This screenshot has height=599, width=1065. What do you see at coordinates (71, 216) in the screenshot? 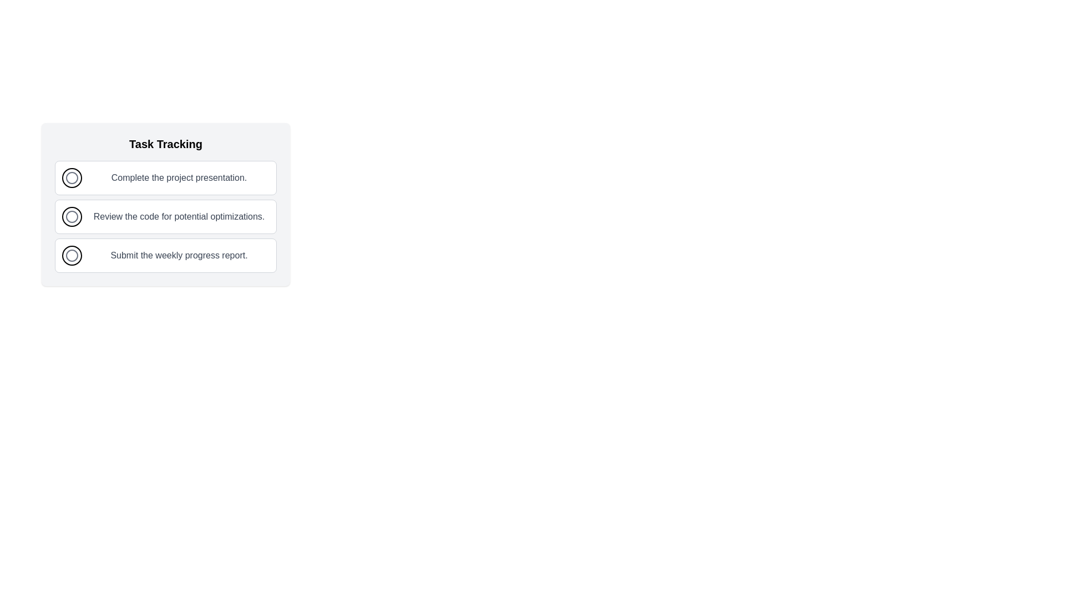
I see `the circular radio button with a dark border located to the left of the text 'Review the code for potential optimizations.'` at bounding box center [71, 216].